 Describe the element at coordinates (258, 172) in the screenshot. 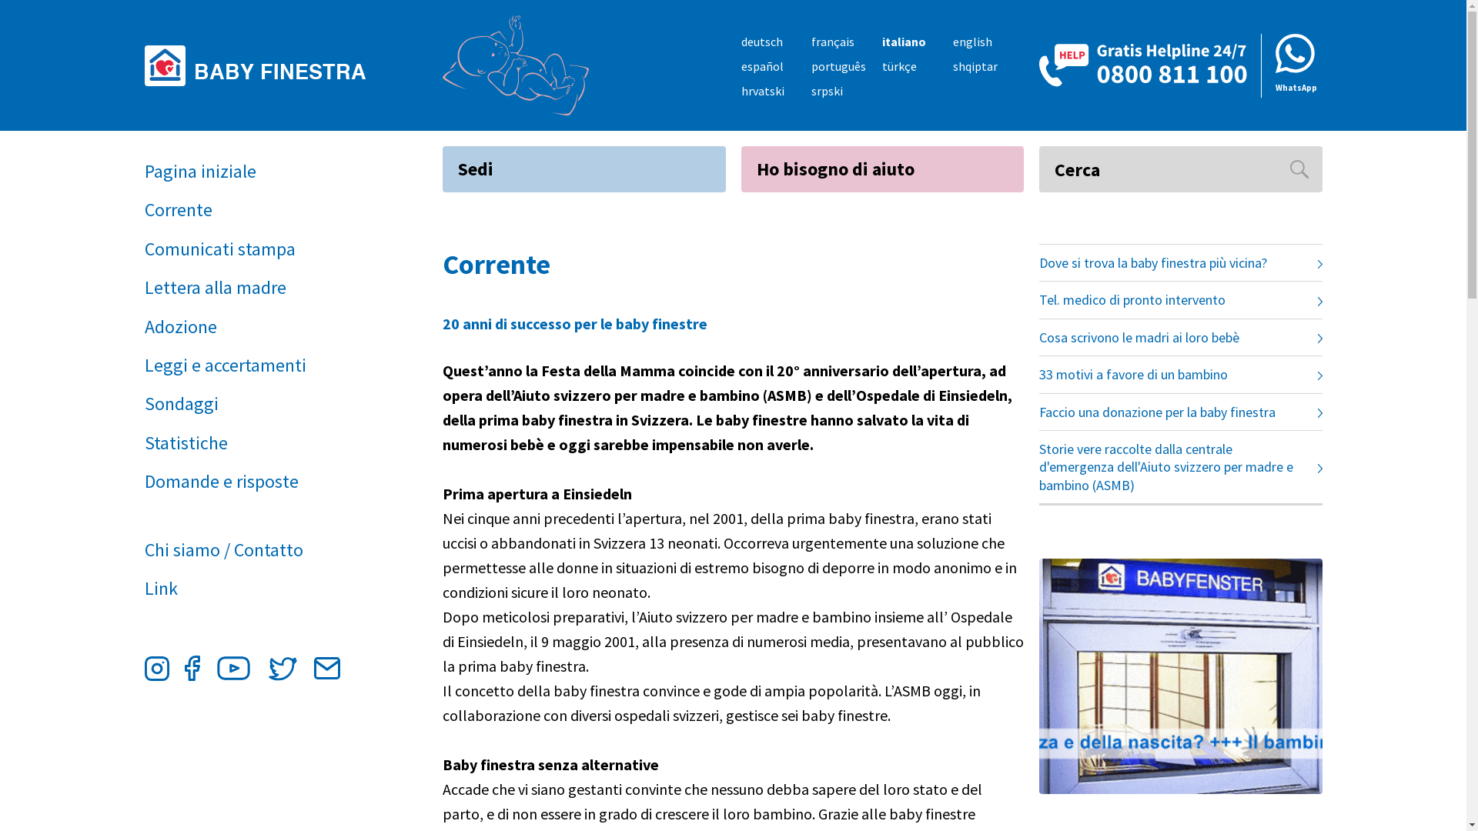

I see `'Pagina iniziale'` at that location.